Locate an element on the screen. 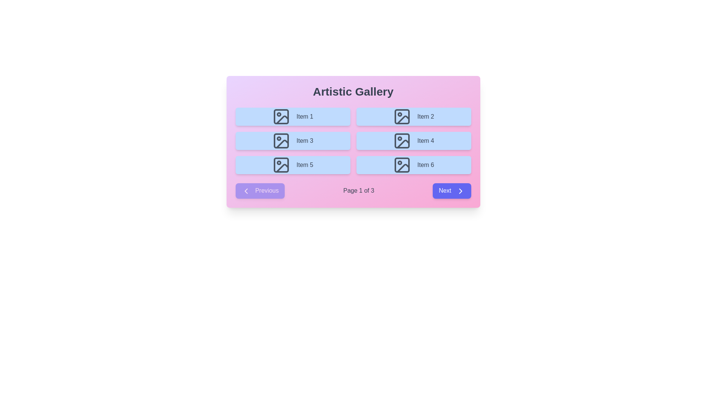 This screenshot has height=408, width=725. the gray rectangular icon resembling a generic image placeholder located inside the 'Item 2' button in the 'Artistic Gallery' card is located at coordinates (402, 116).